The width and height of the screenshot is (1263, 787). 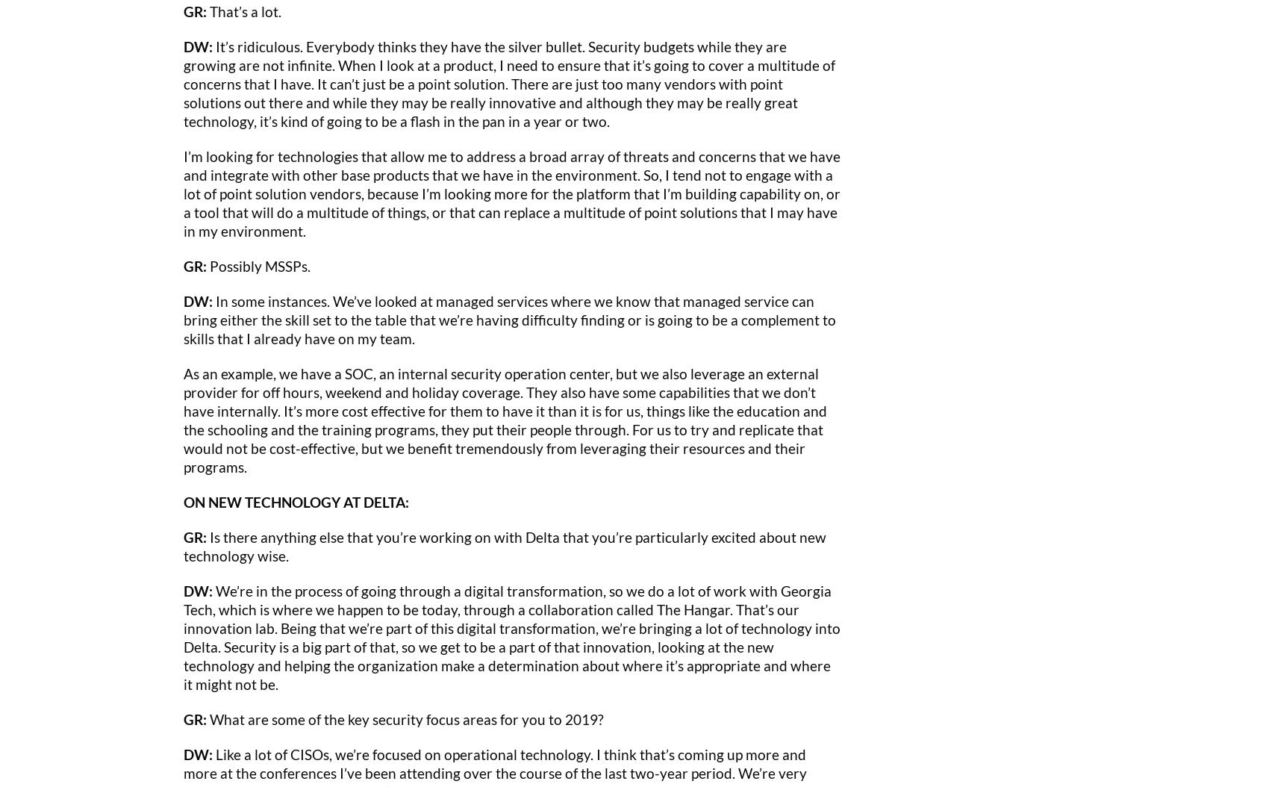 What do you see at coordinates (296, 501) in the screenshot?
I see `'ON NEW TECHNOLOGY AT DELTA:'` at bounding box center [296, 501].